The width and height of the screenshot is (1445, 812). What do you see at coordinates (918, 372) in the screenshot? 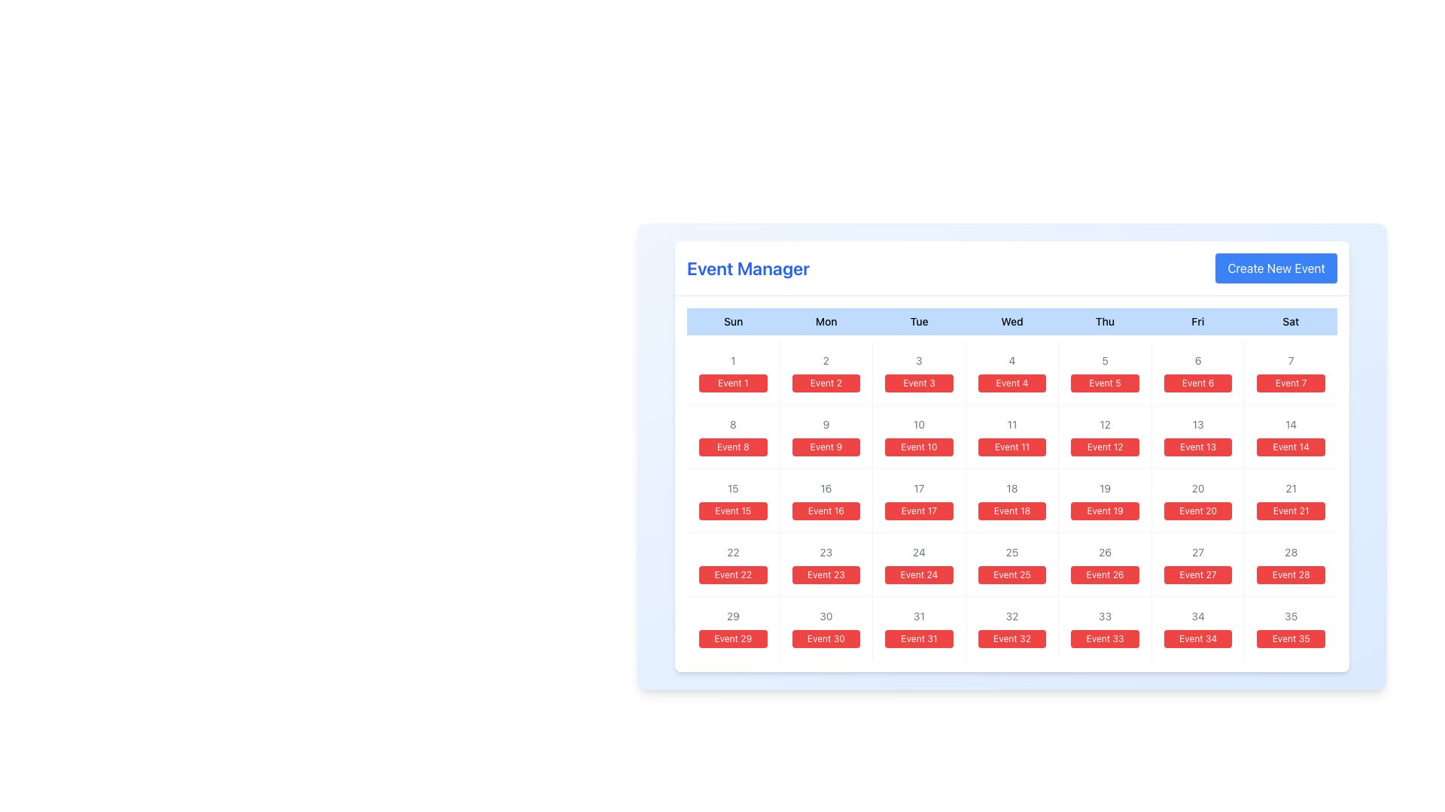
I see `the Calendar grid cell containing the number '3' and the button labeled 'Event 3'` at bounding box center [918, 372].